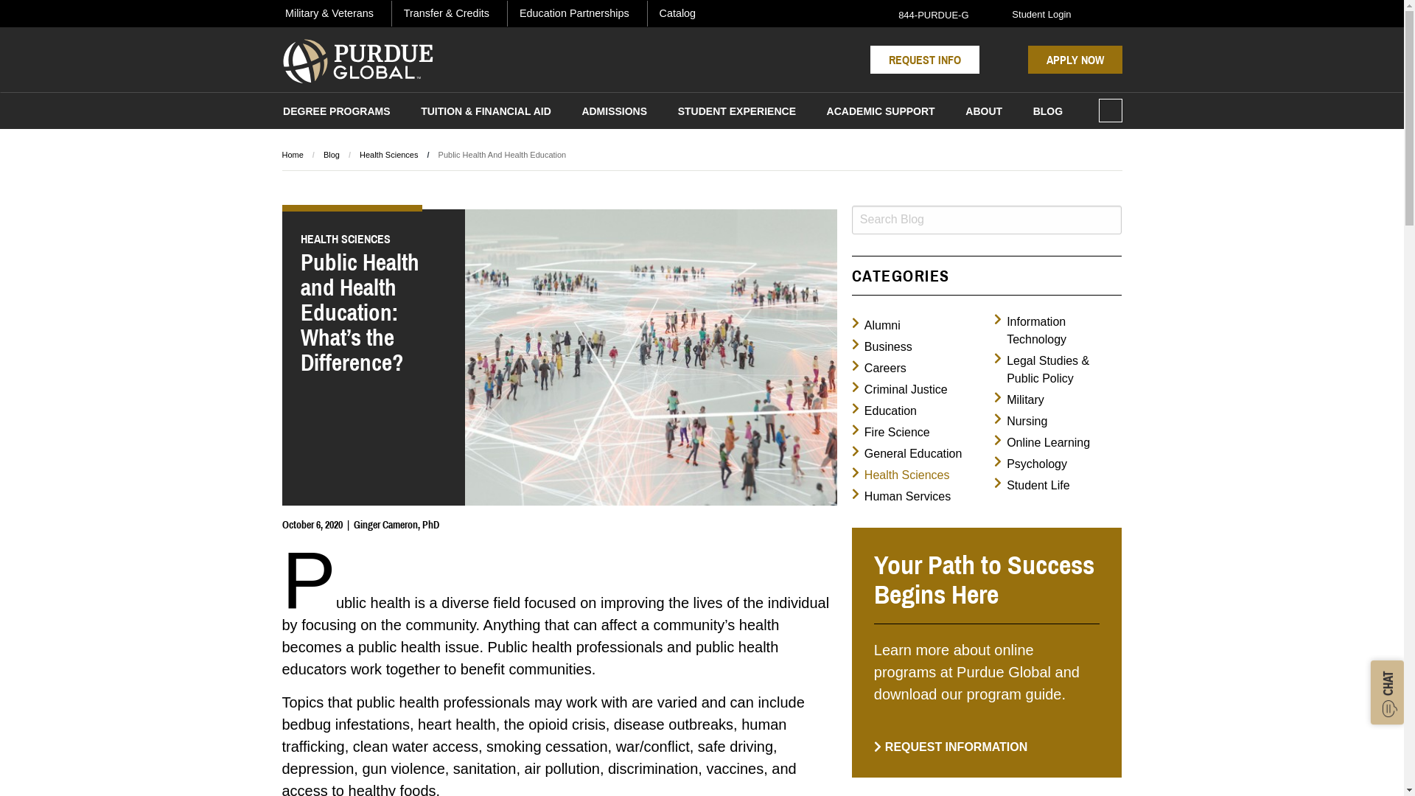  What do you see at coordinates (881, 346) in the screenshot?
I see `'Business'` at bounding box center [881, 346].